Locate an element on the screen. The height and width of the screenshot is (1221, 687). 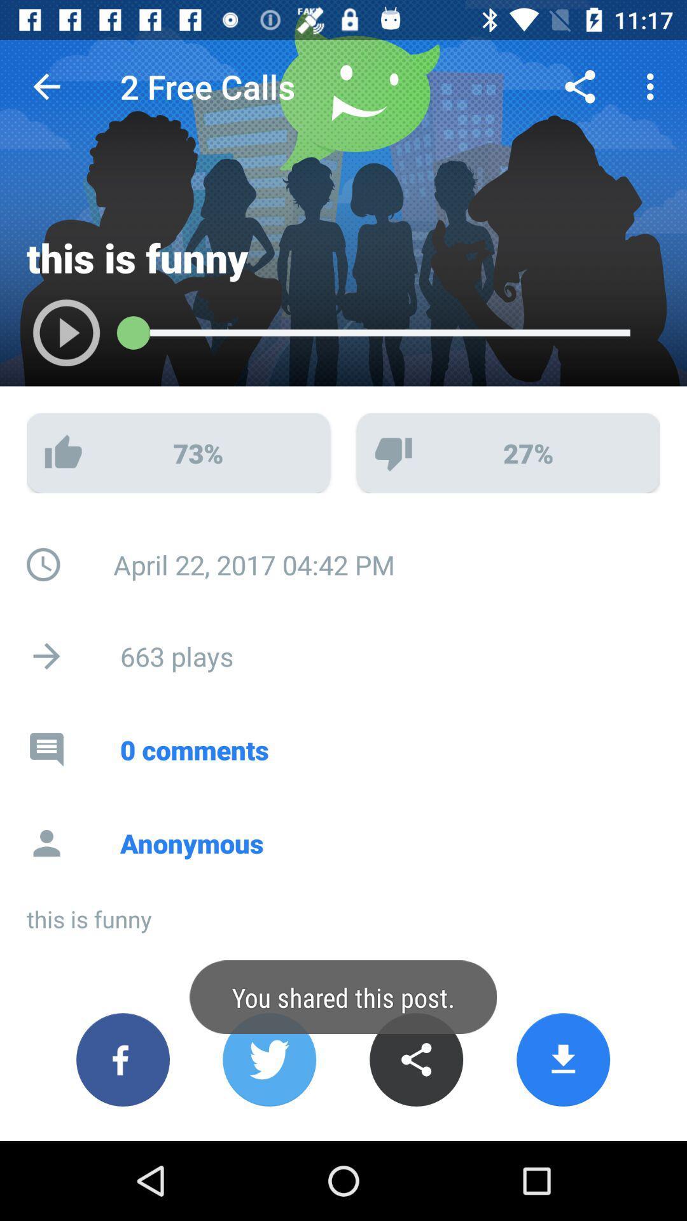
share on facebook is located at coordinates (123, 1059).